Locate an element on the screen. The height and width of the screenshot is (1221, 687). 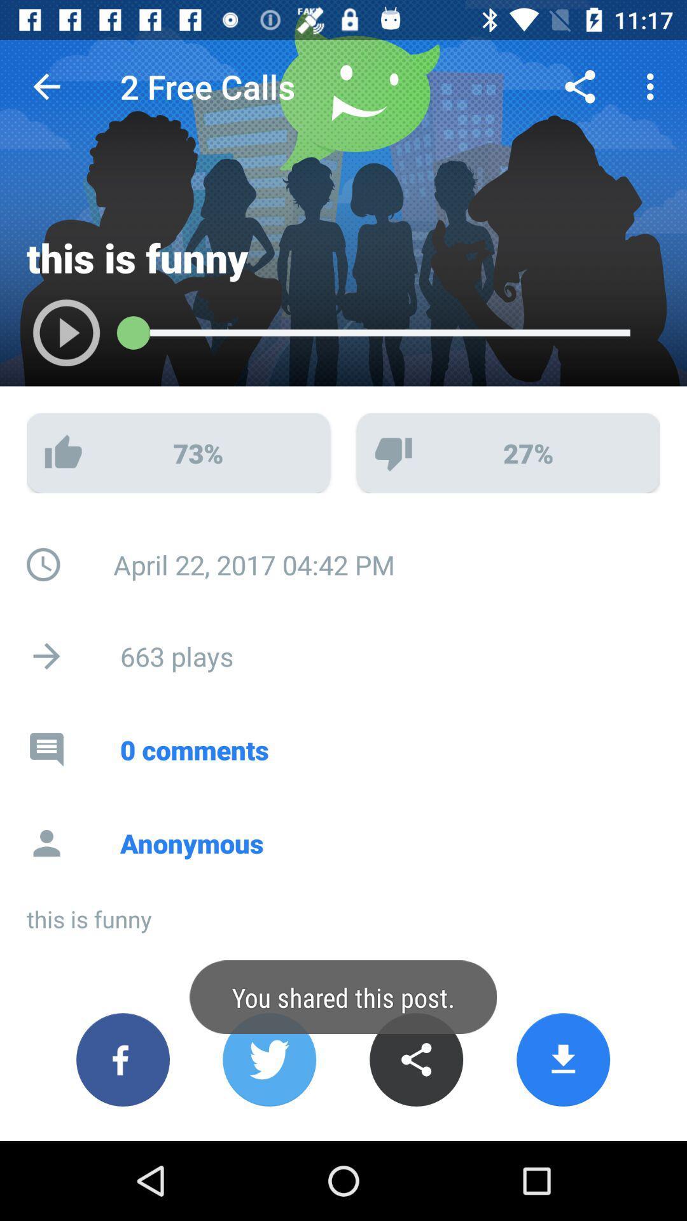
share on facebook is located at coordinates (123, 1059).